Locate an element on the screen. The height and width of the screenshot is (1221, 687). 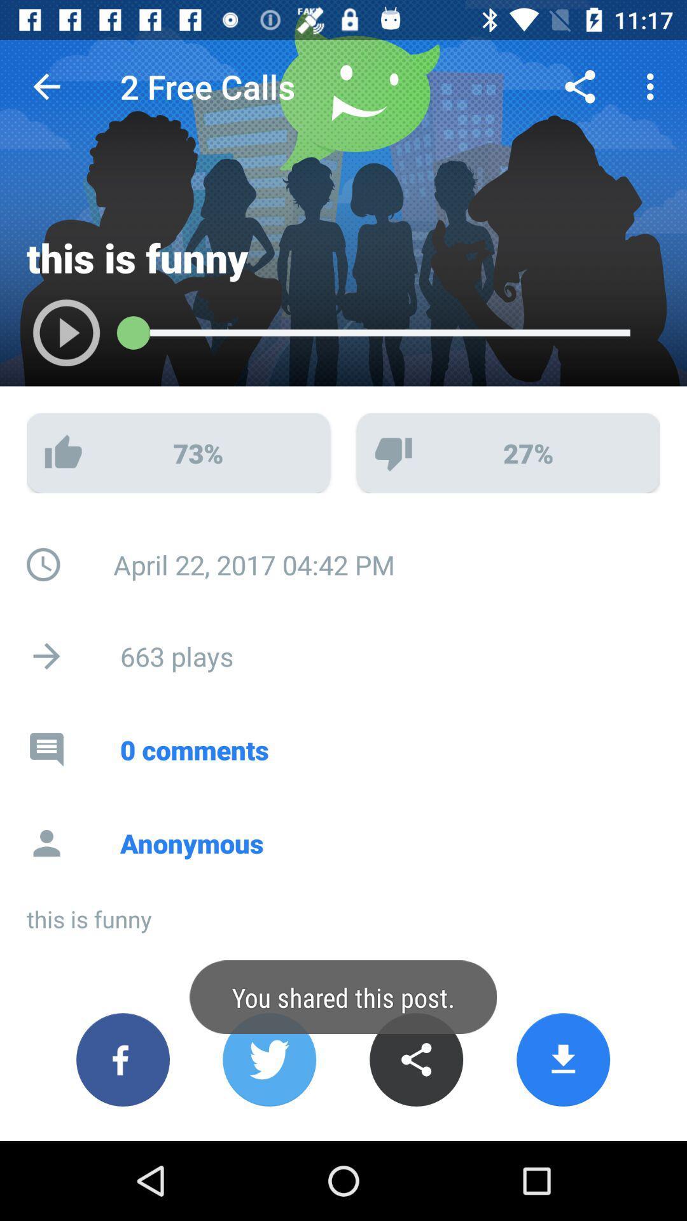
share on facebook is located at coordinates (123, 1059).